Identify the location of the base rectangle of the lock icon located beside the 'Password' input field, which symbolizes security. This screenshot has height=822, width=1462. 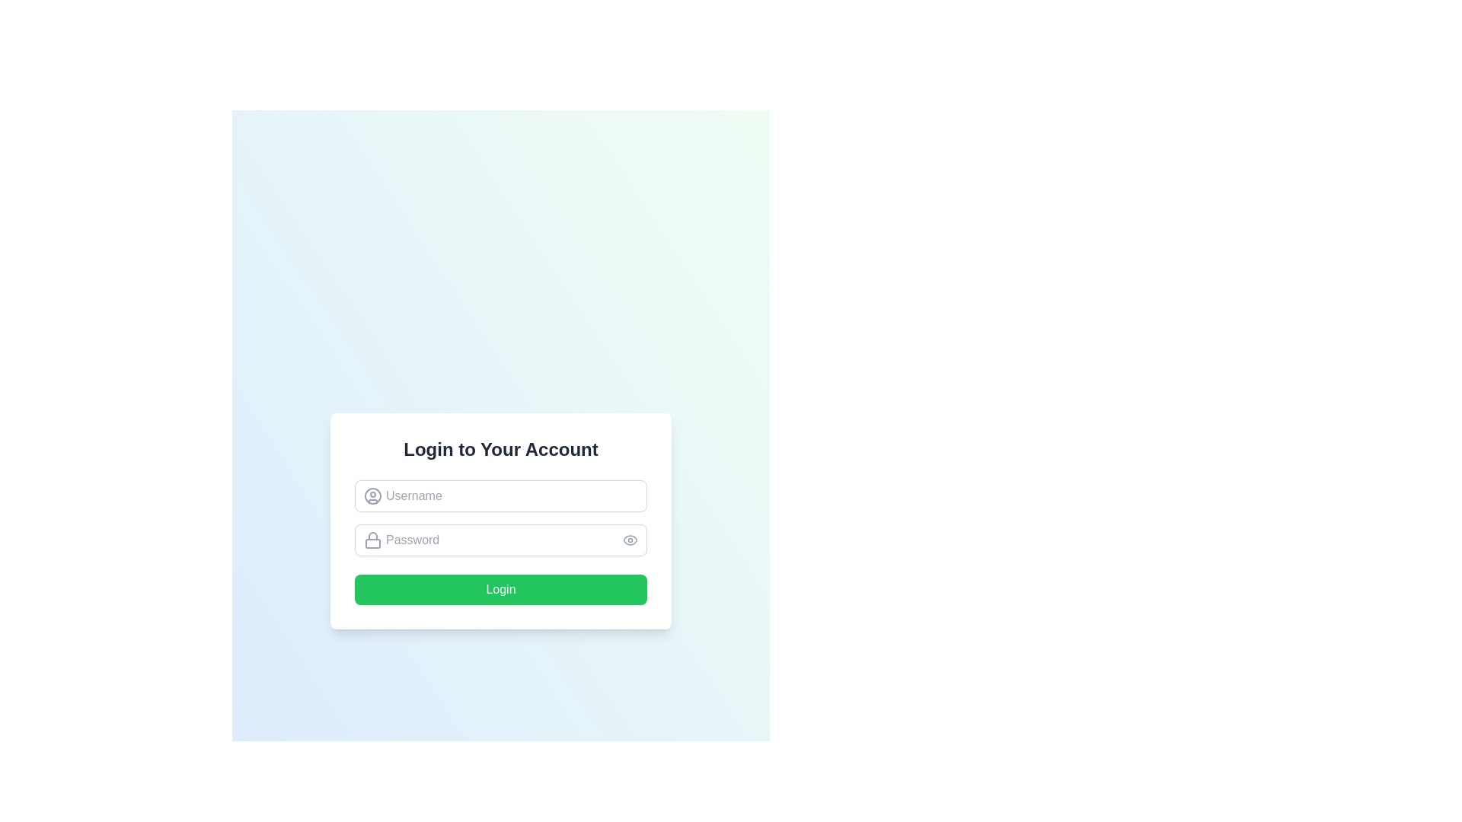
(372, 543).